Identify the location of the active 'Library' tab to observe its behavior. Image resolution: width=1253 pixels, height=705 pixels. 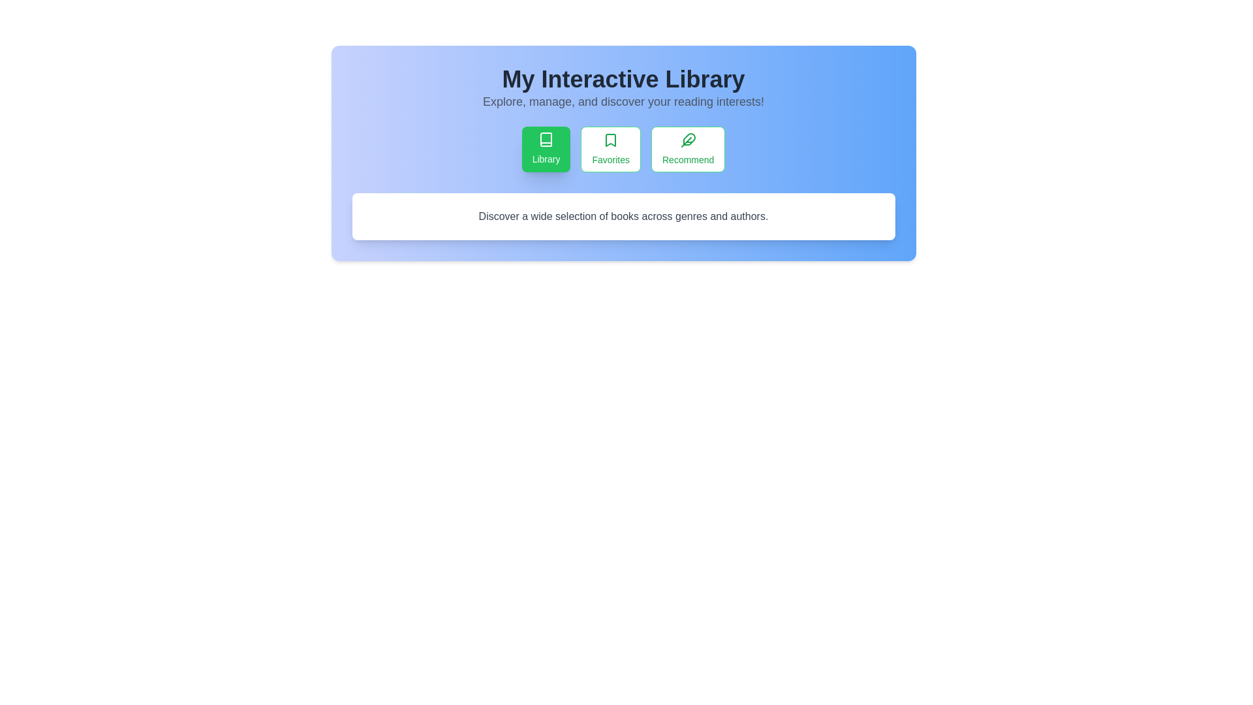
(546, 148).